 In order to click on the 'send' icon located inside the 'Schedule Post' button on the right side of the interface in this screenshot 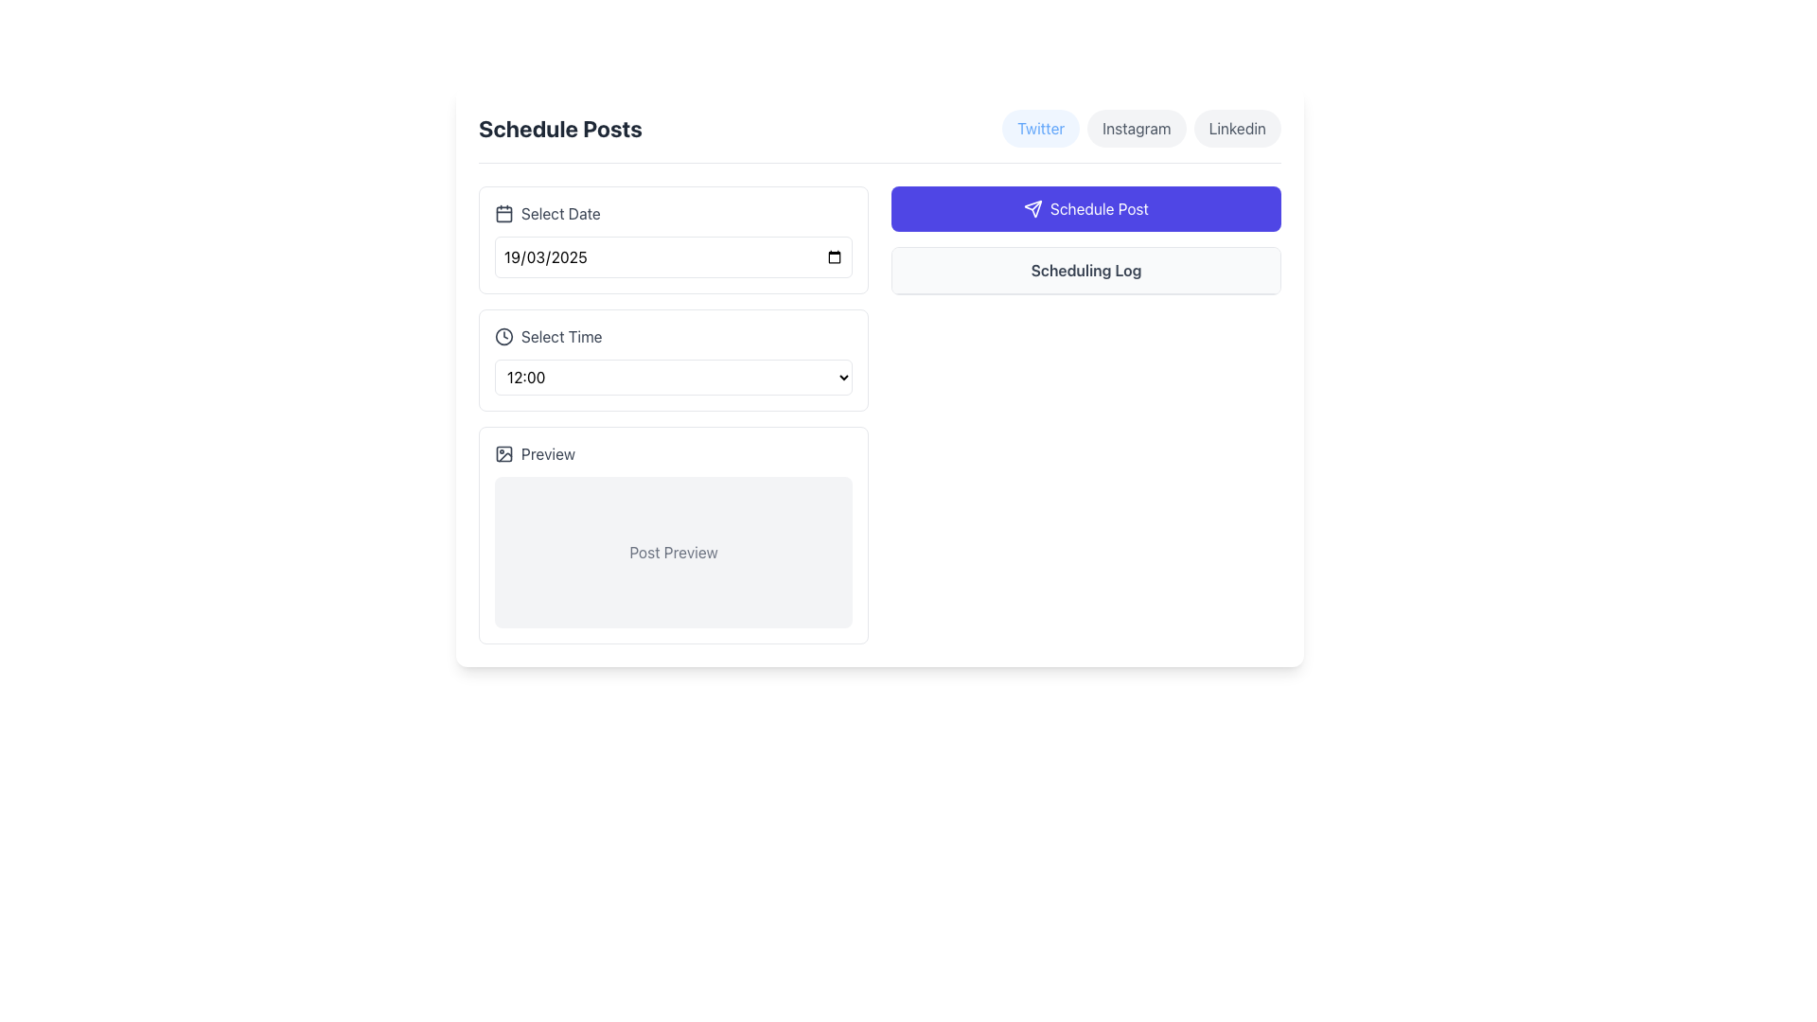, I will do `click(1032, 208)`.